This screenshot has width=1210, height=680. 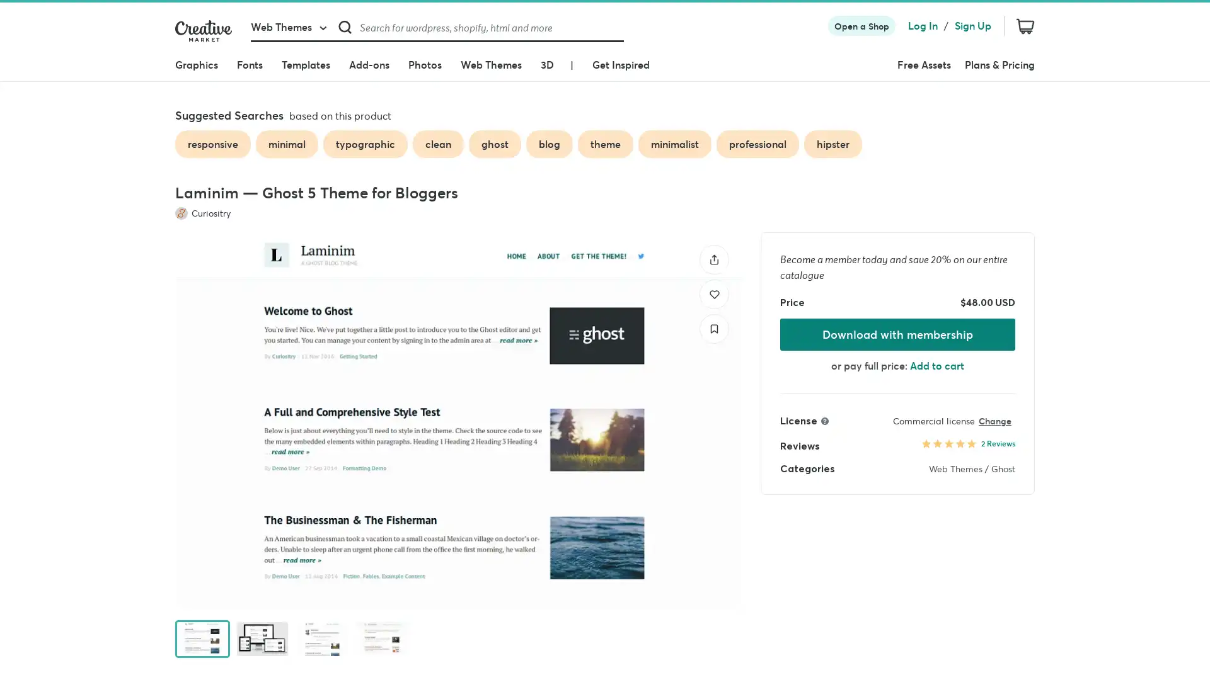 I want to click on Change license, so click(x=994, y=421).